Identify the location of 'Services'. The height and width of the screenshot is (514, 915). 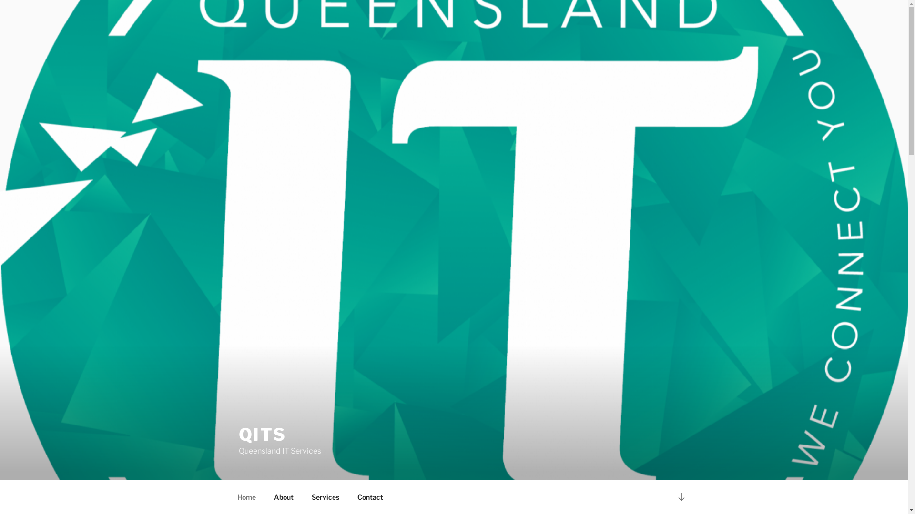
(325, 496).